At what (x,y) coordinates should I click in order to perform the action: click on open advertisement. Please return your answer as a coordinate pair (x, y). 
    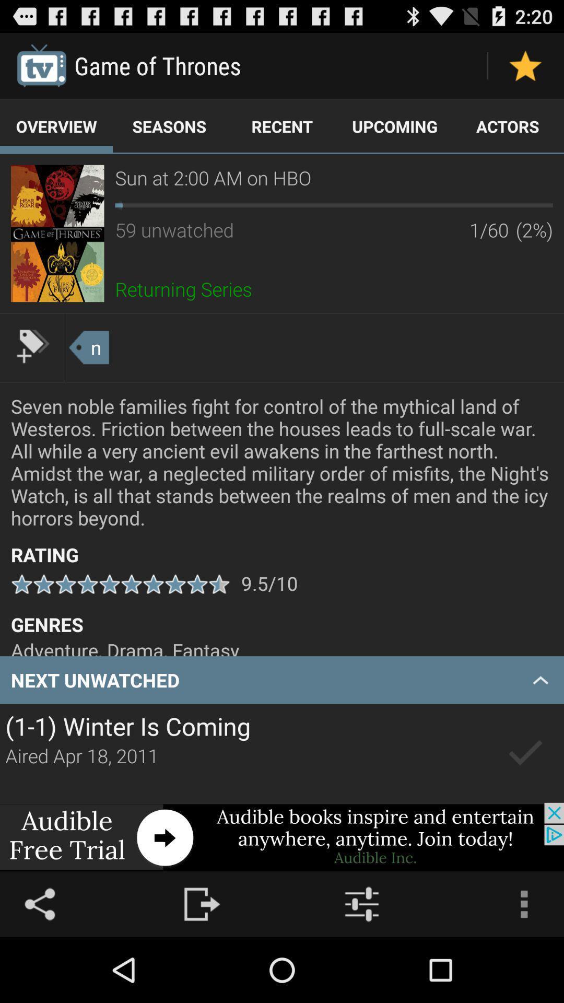
    Looking at the image, I should click on (282, 837).